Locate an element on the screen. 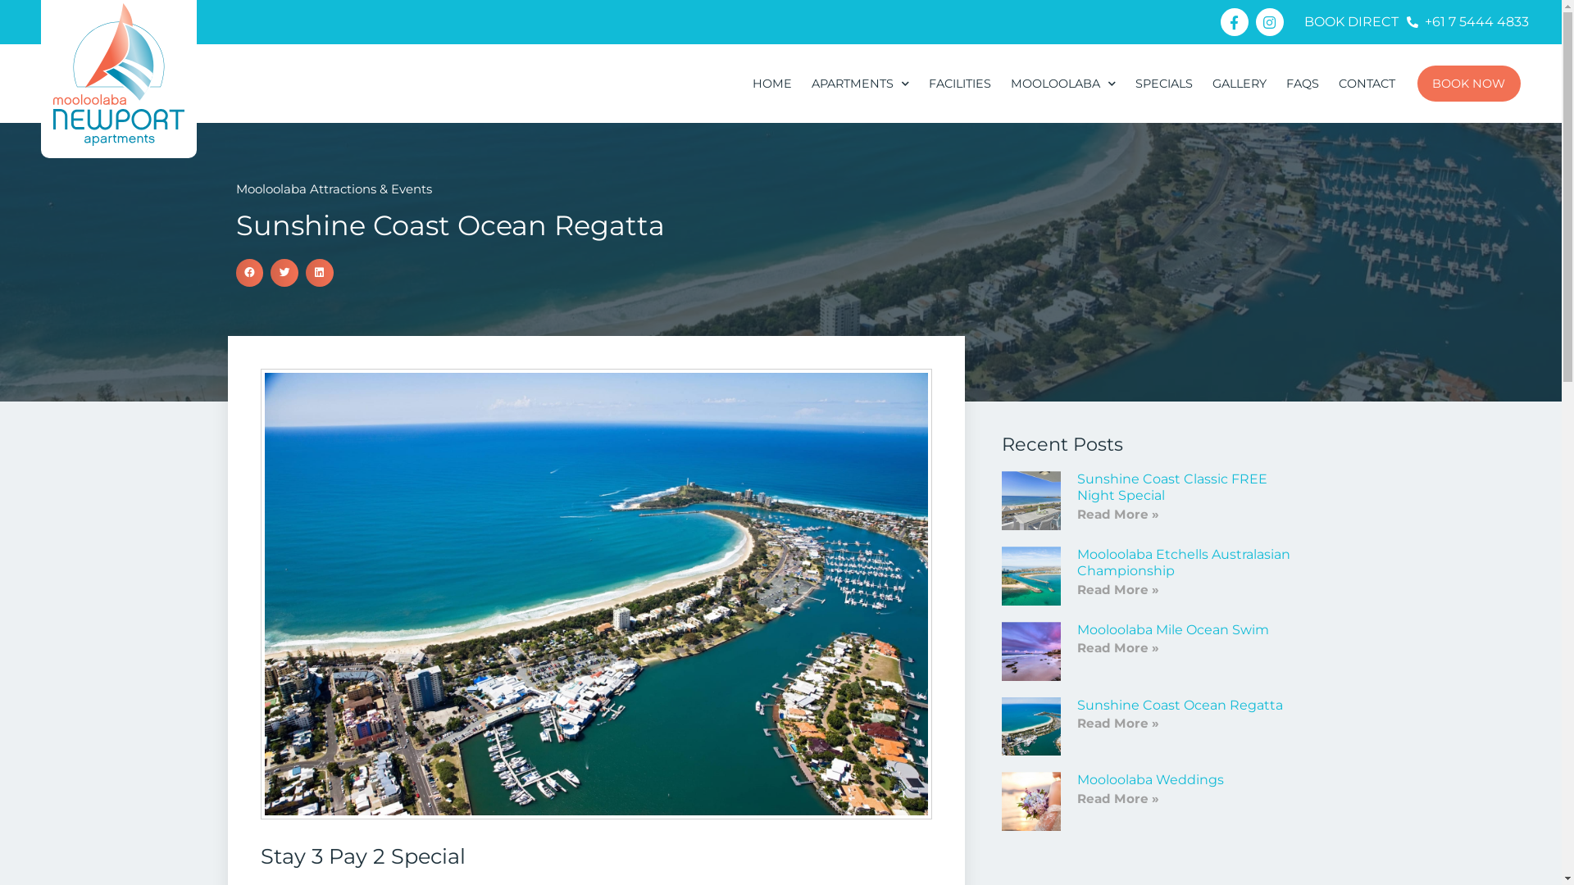  'Mooloolaba Mile Ocean Swim' is located at coordinates (1171, 629).